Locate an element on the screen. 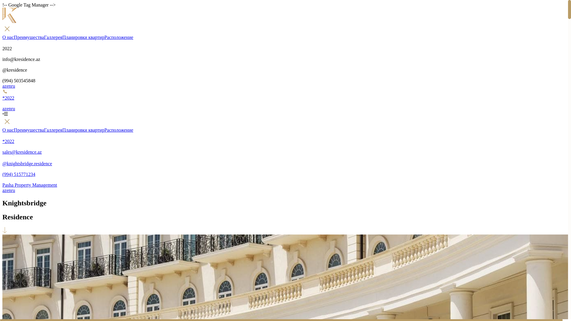 This screenshot has height=321, width=571. 'en' is located at coordinates (9, 86).